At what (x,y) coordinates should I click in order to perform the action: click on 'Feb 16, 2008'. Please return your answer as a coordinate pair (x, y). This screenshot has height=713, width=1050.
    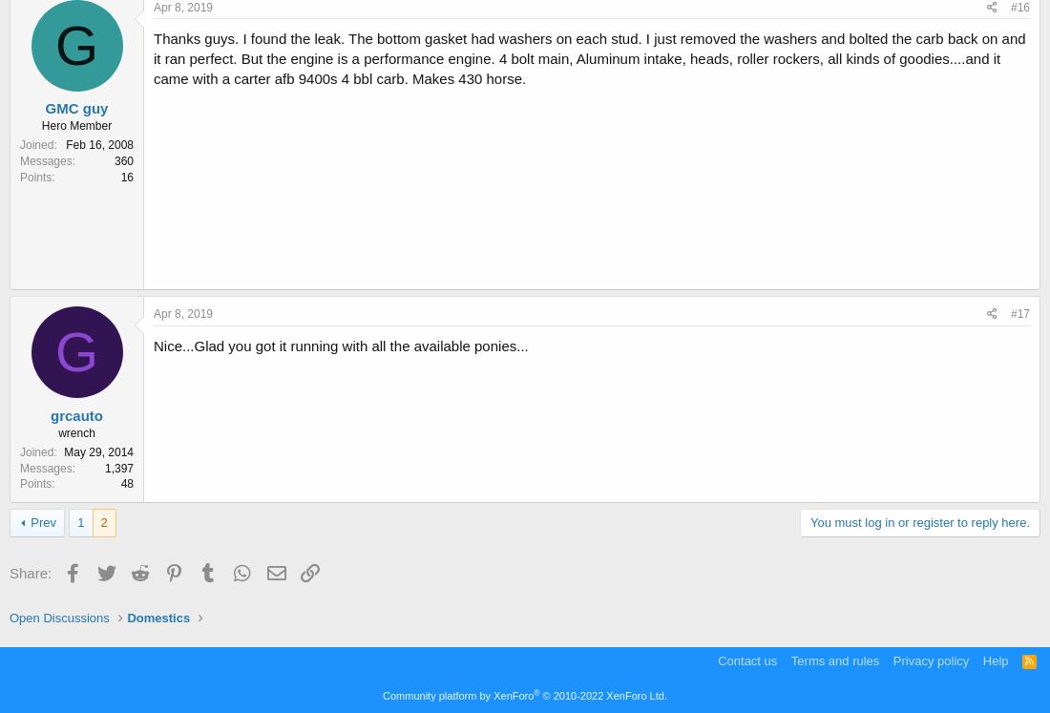
    Looking at the image, I should click on (99, 142).